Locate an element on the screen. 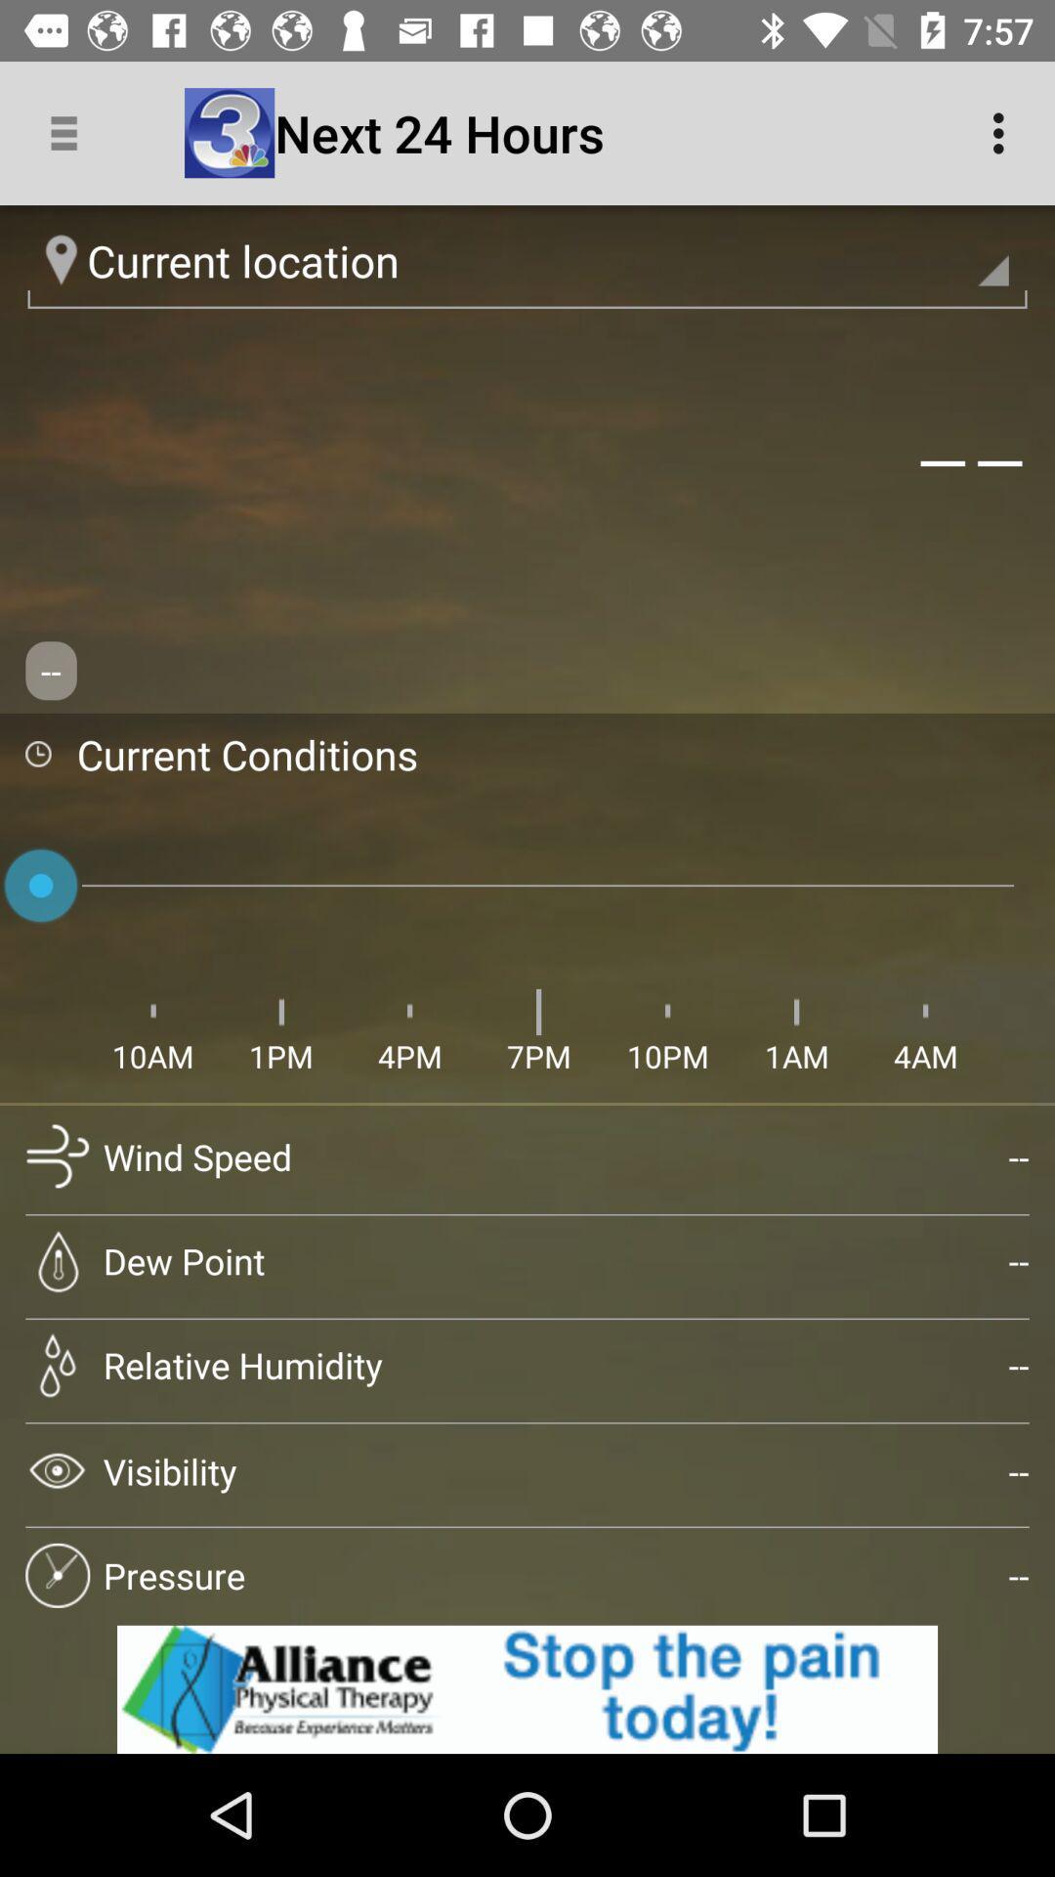 Image resolution: width=1055 pixels, height=1877 pixels. for advertisement is located at coordinates (527, 1688).